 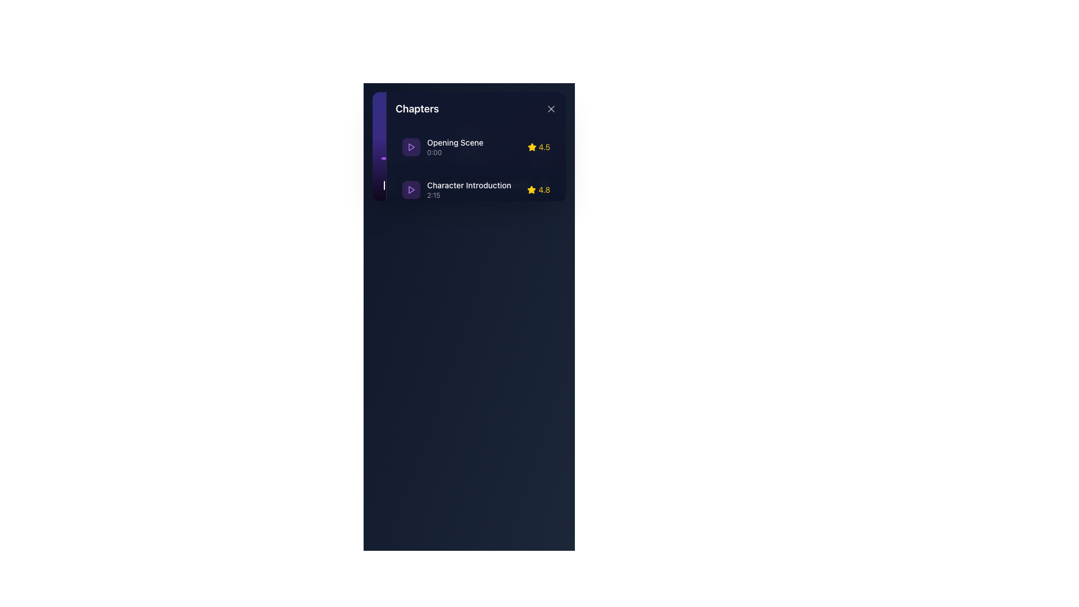 I want to click on the close button located at the top-right corner of the 'Chapters' panel, so click(x=551, y=108).